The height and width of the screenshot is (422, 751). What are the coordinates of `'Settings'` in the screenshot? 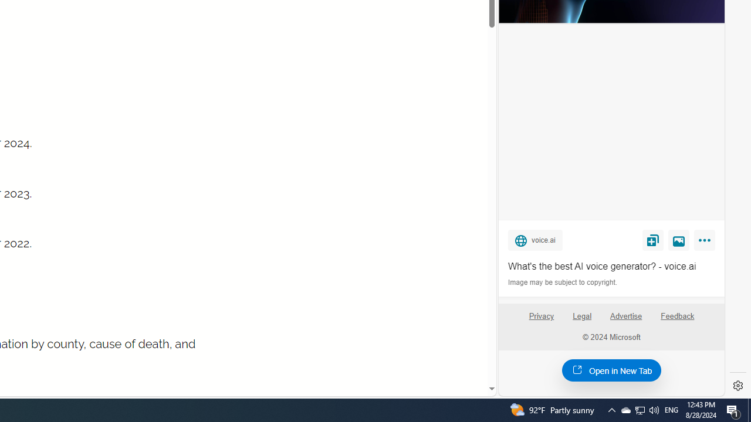 It's located at (738, 386).